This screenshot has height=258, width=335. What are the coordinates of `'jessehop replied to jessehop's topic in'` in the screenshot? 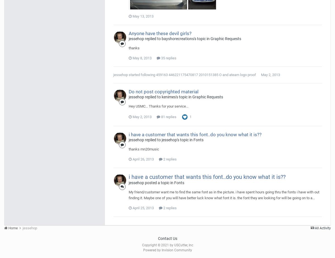 It's located at (161, 139).